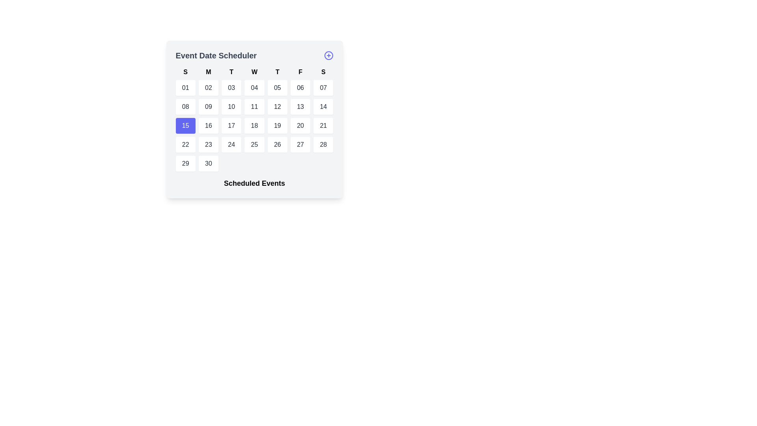 Image resolution: width=757 pixels, height=426 pixels. What do you see at coordinates (185, 144) in the screenshot?
I see `the button representing the specific date in the Event Date Scheduler grid, located in the sixth row and first column` at bounding box center [185, 144].